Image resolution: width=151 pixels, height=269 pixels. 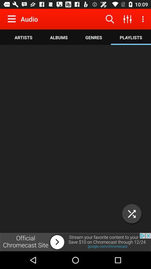 I want to click on description, so click(x=75, y=139).